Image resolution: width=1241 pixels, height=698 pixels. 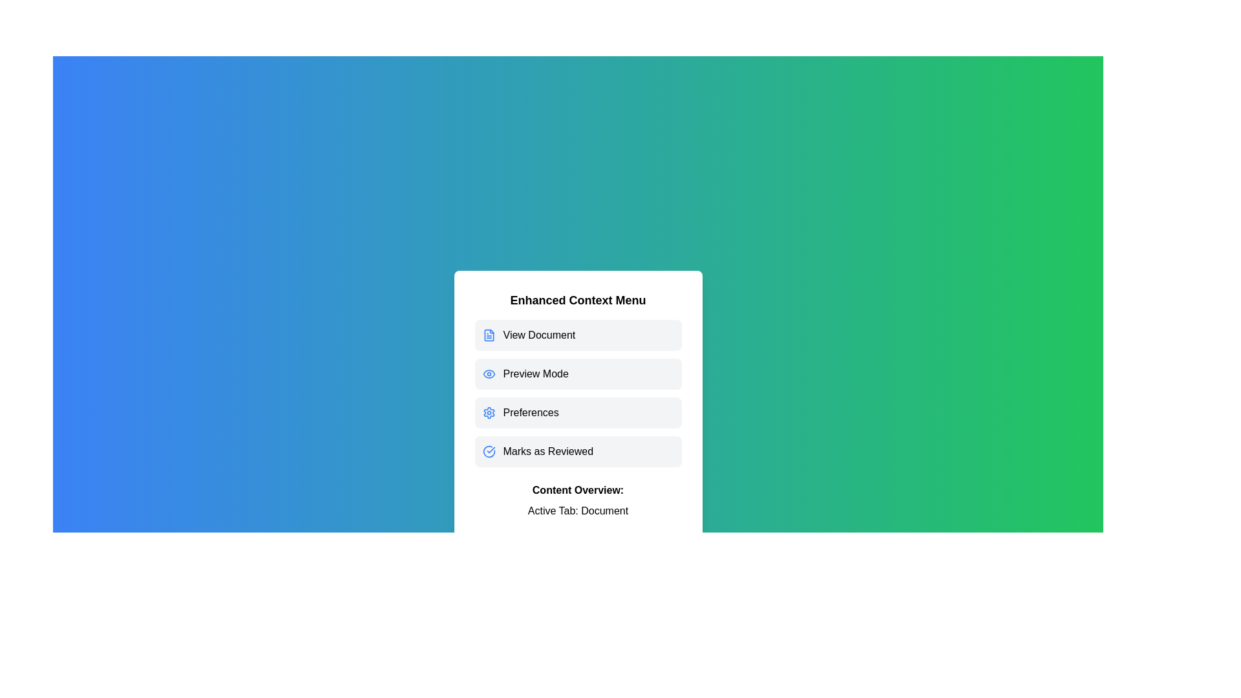 What do you see at coordinates (577, 335) in the screenshot?
I see `the menu option View Document to inspect its associated icon` at bounding box center [577, 335].